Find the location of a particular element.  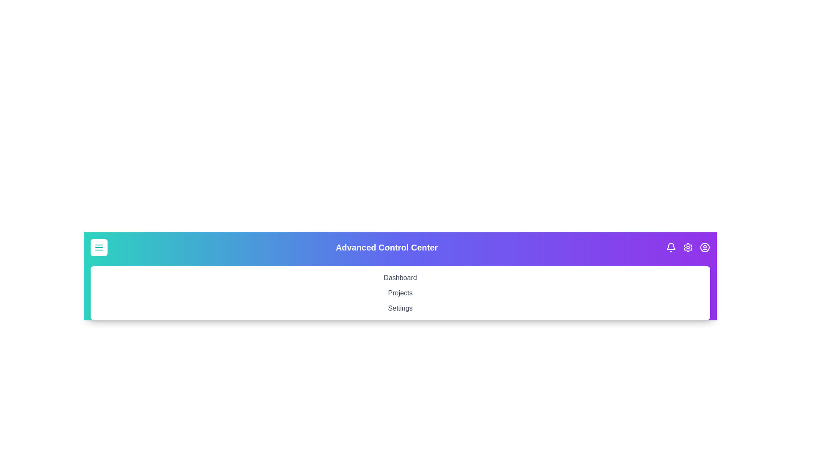

the settings icon to access configuration options is located at coordinates (688, 248).